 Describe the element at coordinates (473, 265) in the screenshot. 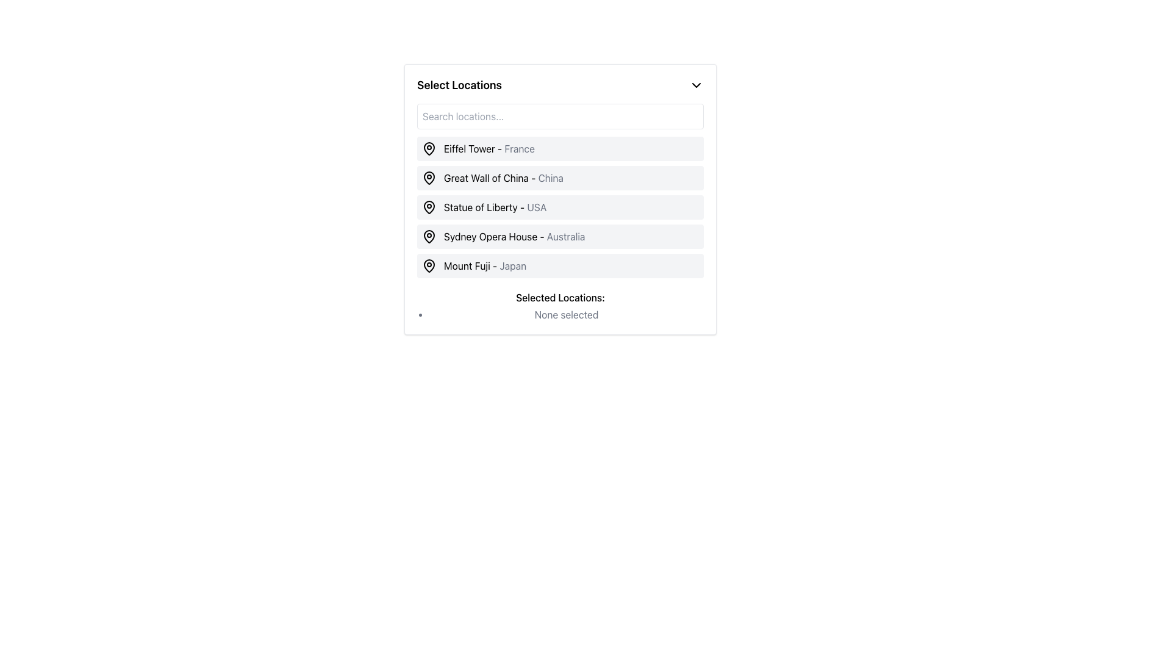

I see `the fifth list item representing the location 'Mount Fuji - Japan'` at that location.